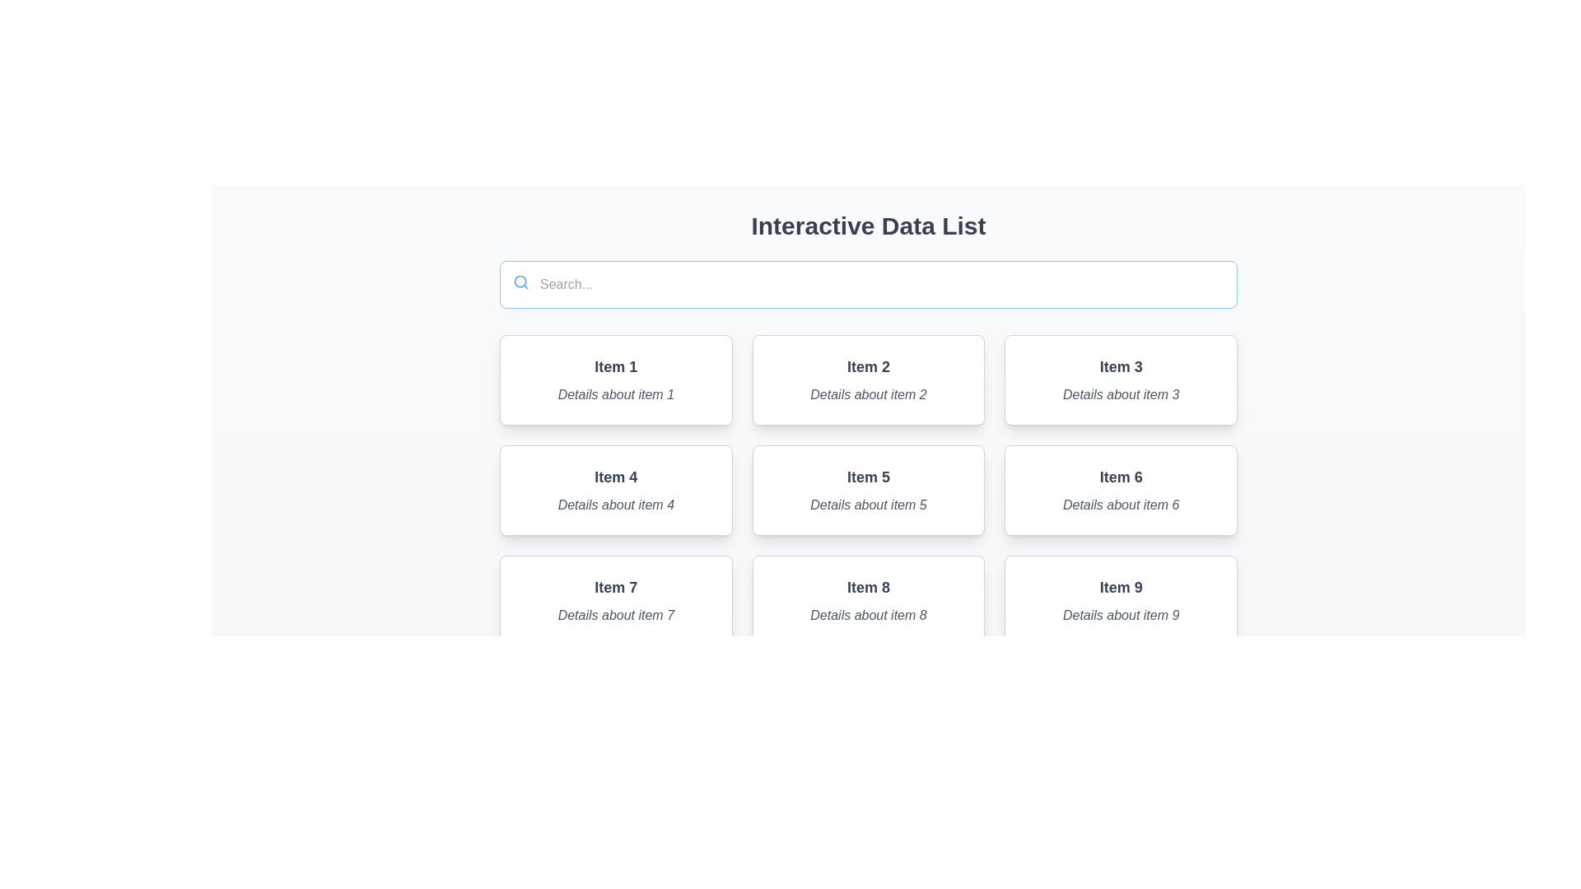  What do you see at coordinates (615, 477) in the screenshot?
I see `the text label 'Item 4', which serves as the title for the card in the second row, first card of a 3x3 grid layout` at bounding box center [615, 477].